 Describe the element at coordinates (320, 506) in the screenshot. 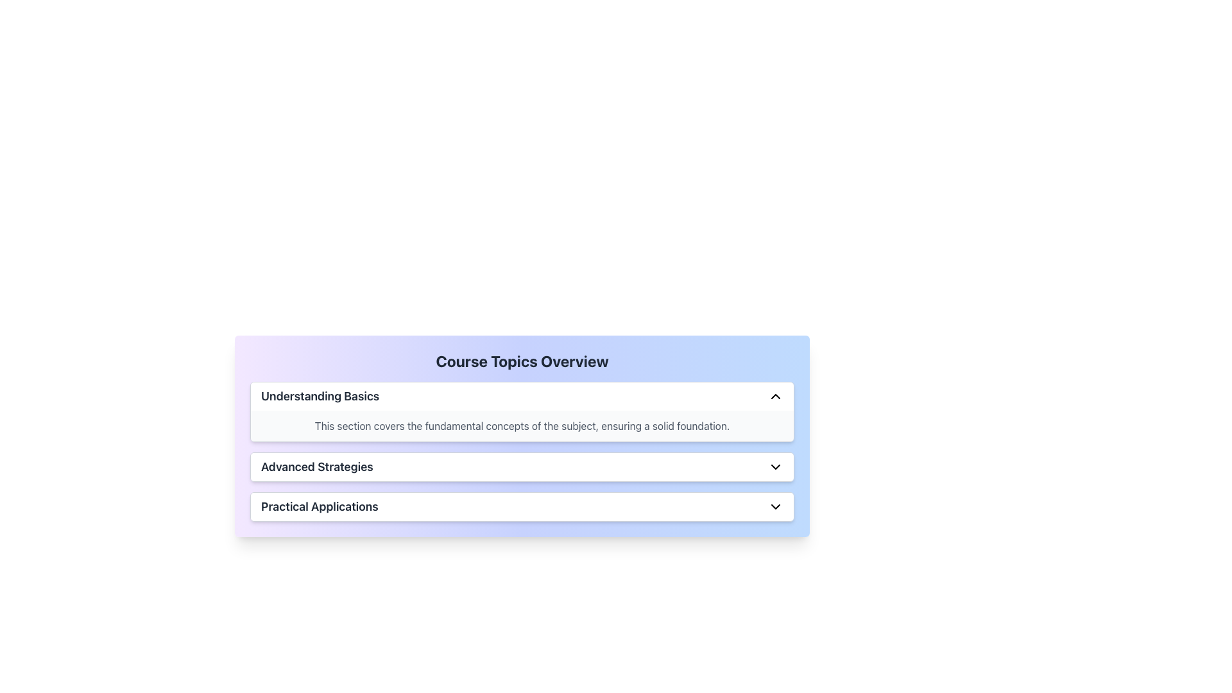

I see `the text label displaying 'Practical Applications', which is a bold heading aligned to the left in the third row of a vertically-stacked list` at that location.